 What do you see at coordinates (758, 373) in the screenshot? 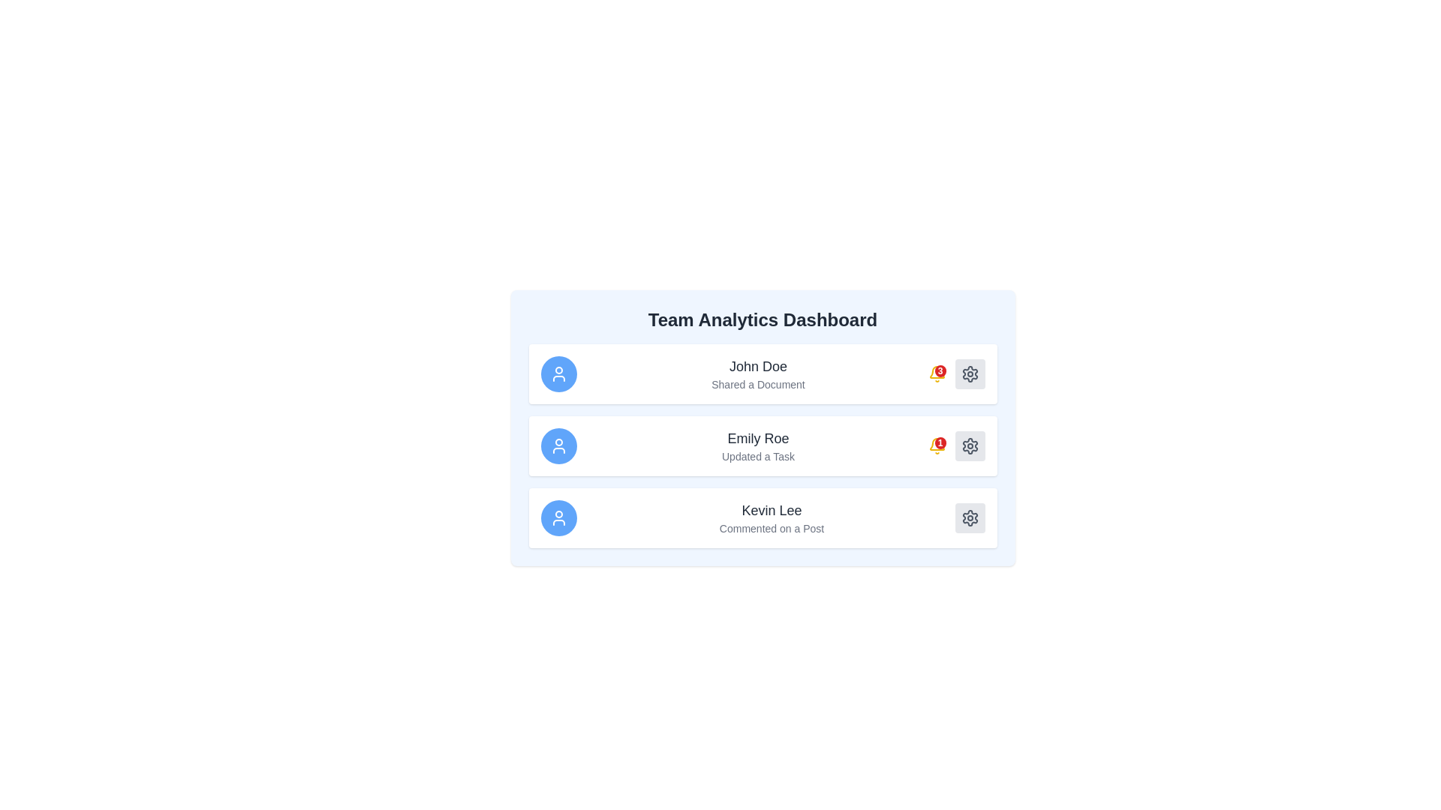
I see `textual content block displaying the name 'John Doe' and the description 'Shared a Document', located between a circular blue icon and a notification indicator` at bounding box center [758, 373].